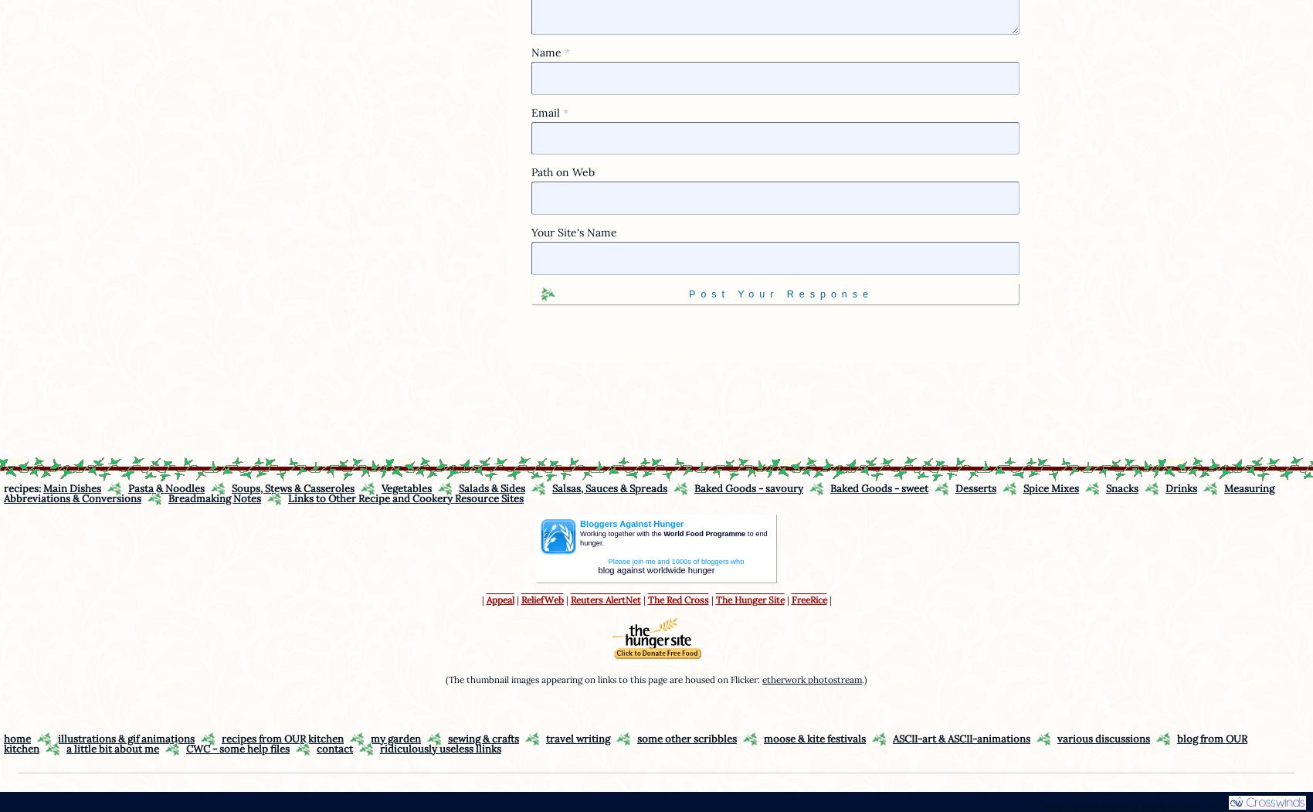 The width and height of the screenshot is (1313, 812). Describe the element at coordinates (72, 487) in the screenshot. I see `'Main Dishes'` at that location.